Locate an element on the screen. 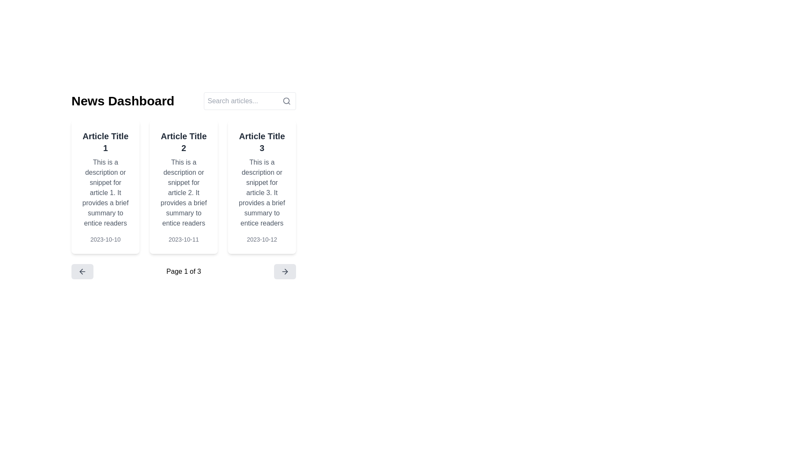 Image resolution: width=812 pixels, height=457 pixels. the heading text labeled 'Article Title 1', which is styled in a large bold font and dark gray color, located at the top section of the leftmost card in the News Dashboard is located at coordinates (105, 141).